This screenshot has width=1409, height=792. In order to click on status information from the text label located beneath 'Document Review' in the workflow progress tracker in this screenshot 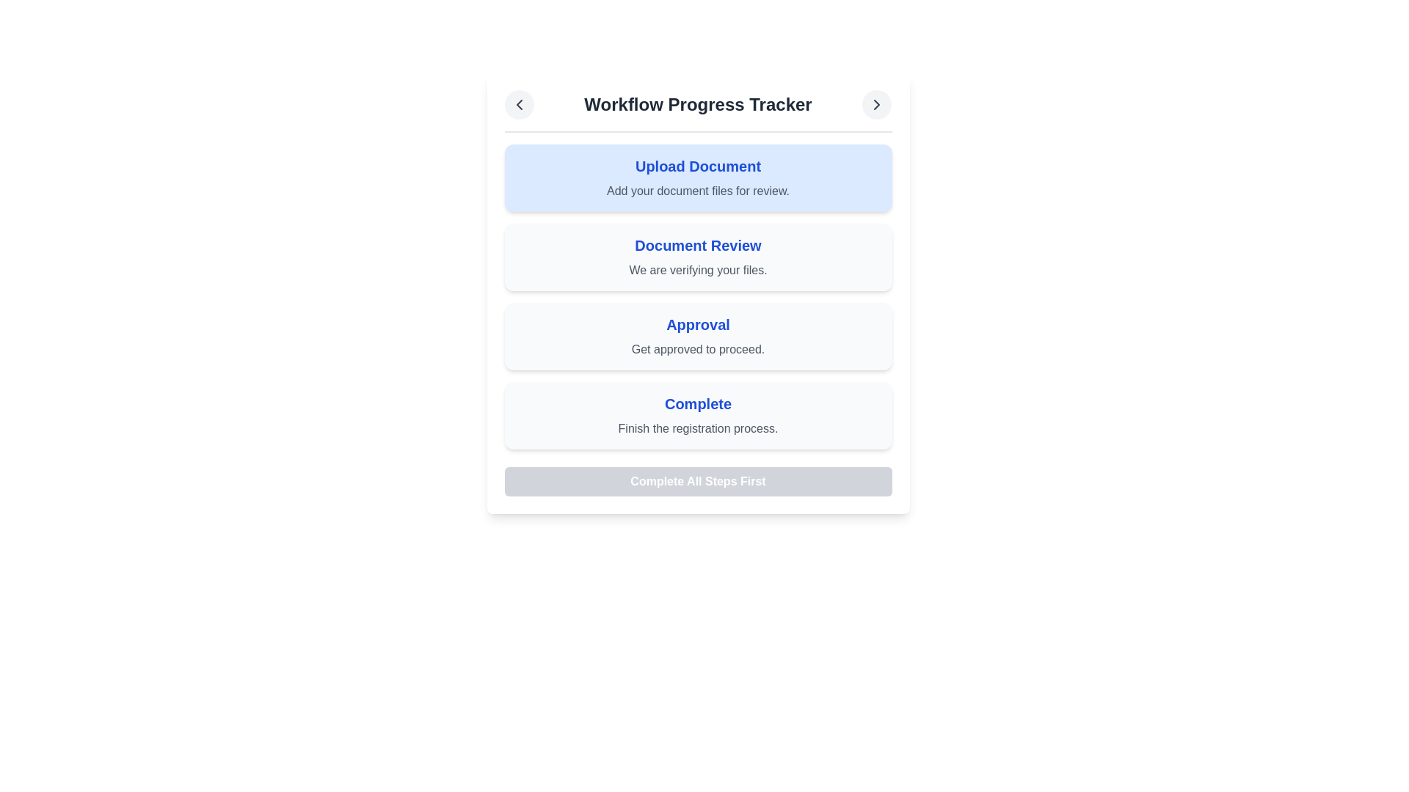, I will do `click(697, 271)`.